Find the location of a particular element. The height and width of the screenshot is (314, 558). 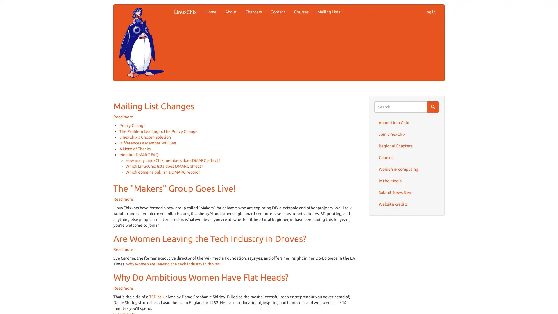

Search is located at coordinates (433, 107).